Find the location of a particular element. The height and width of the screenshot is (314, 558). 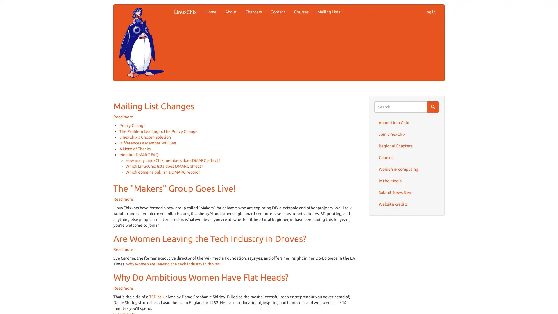

Search is located at coordinates (433, 107).